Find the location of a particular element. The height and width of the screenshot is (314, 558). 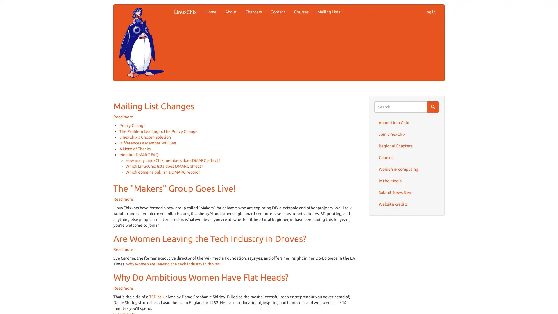

Search is located at coordinates (433, 107).